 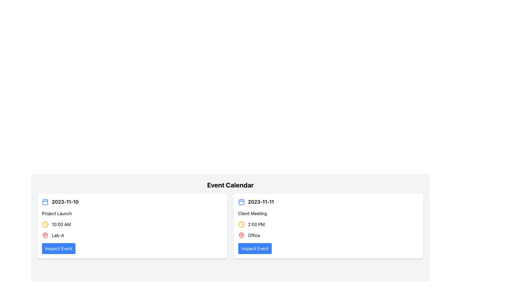 What do you see at coordinates (260, 202) in the screenshot?
I see `the date '2023-11-11' displayed in bold next to the blue calendar icon in the event calendar section` at bounding box center [260, 202].